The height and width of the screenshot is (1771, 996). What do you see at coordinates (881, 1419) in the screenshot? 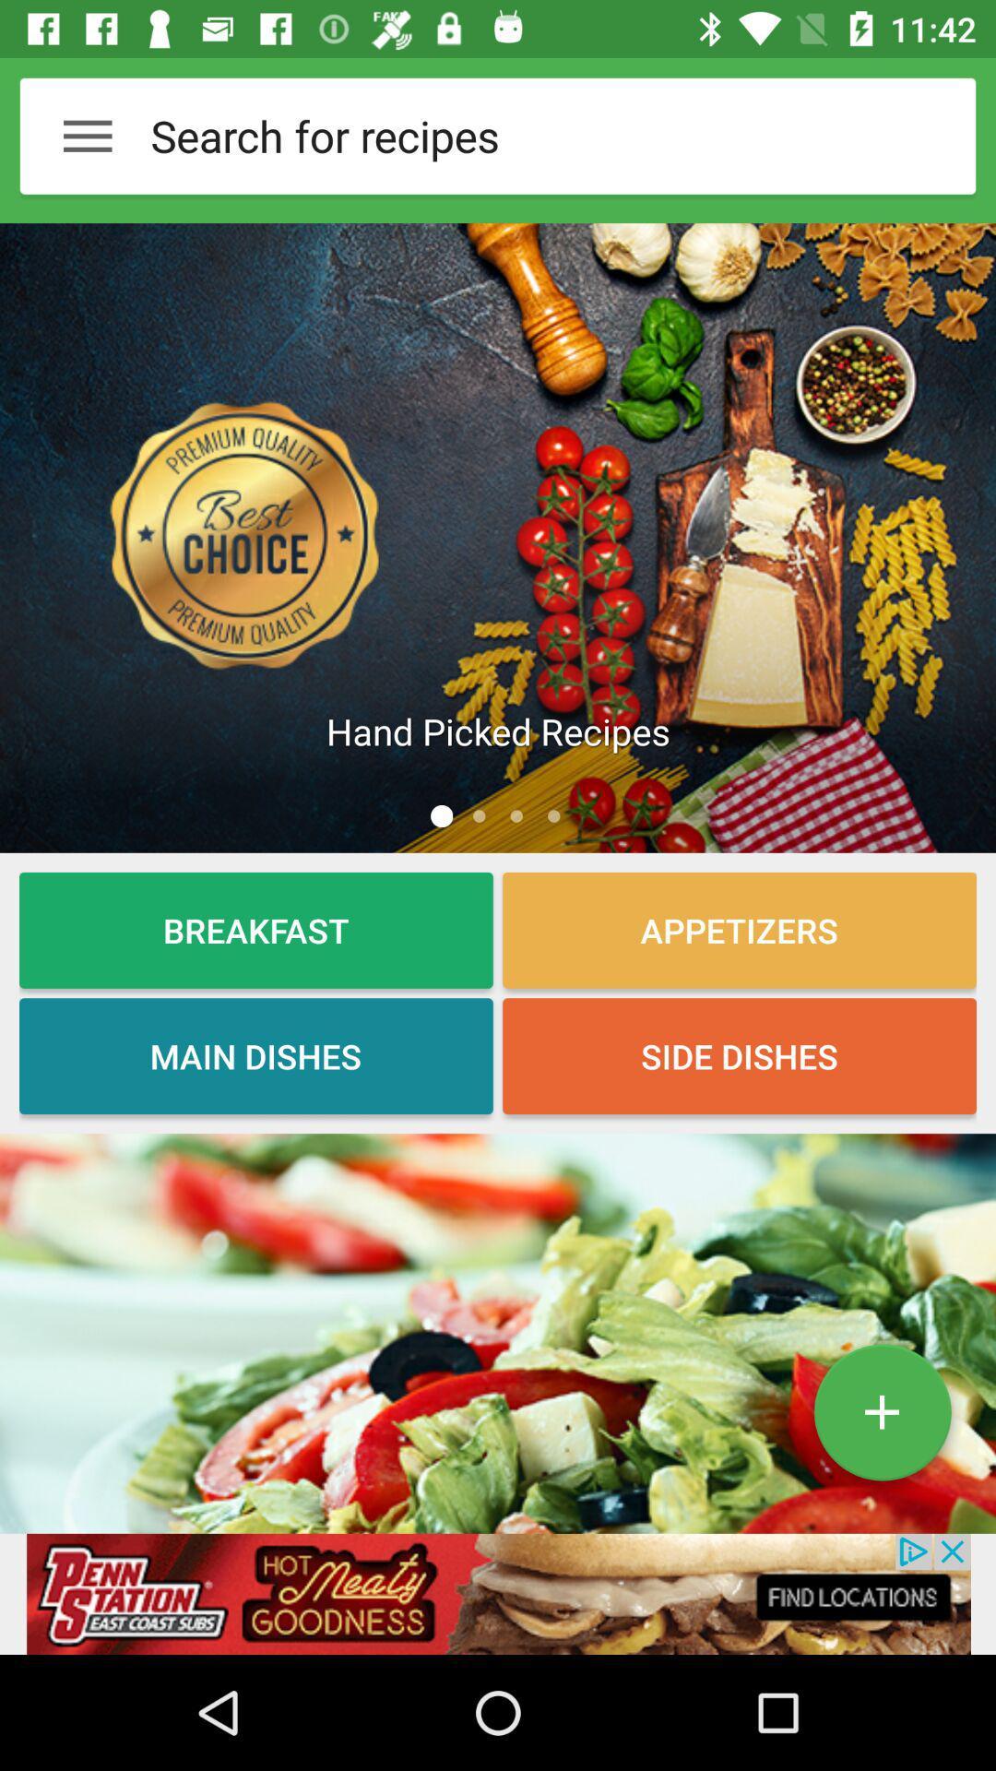
I see `the add icon` at bounding box center [881, 1419].